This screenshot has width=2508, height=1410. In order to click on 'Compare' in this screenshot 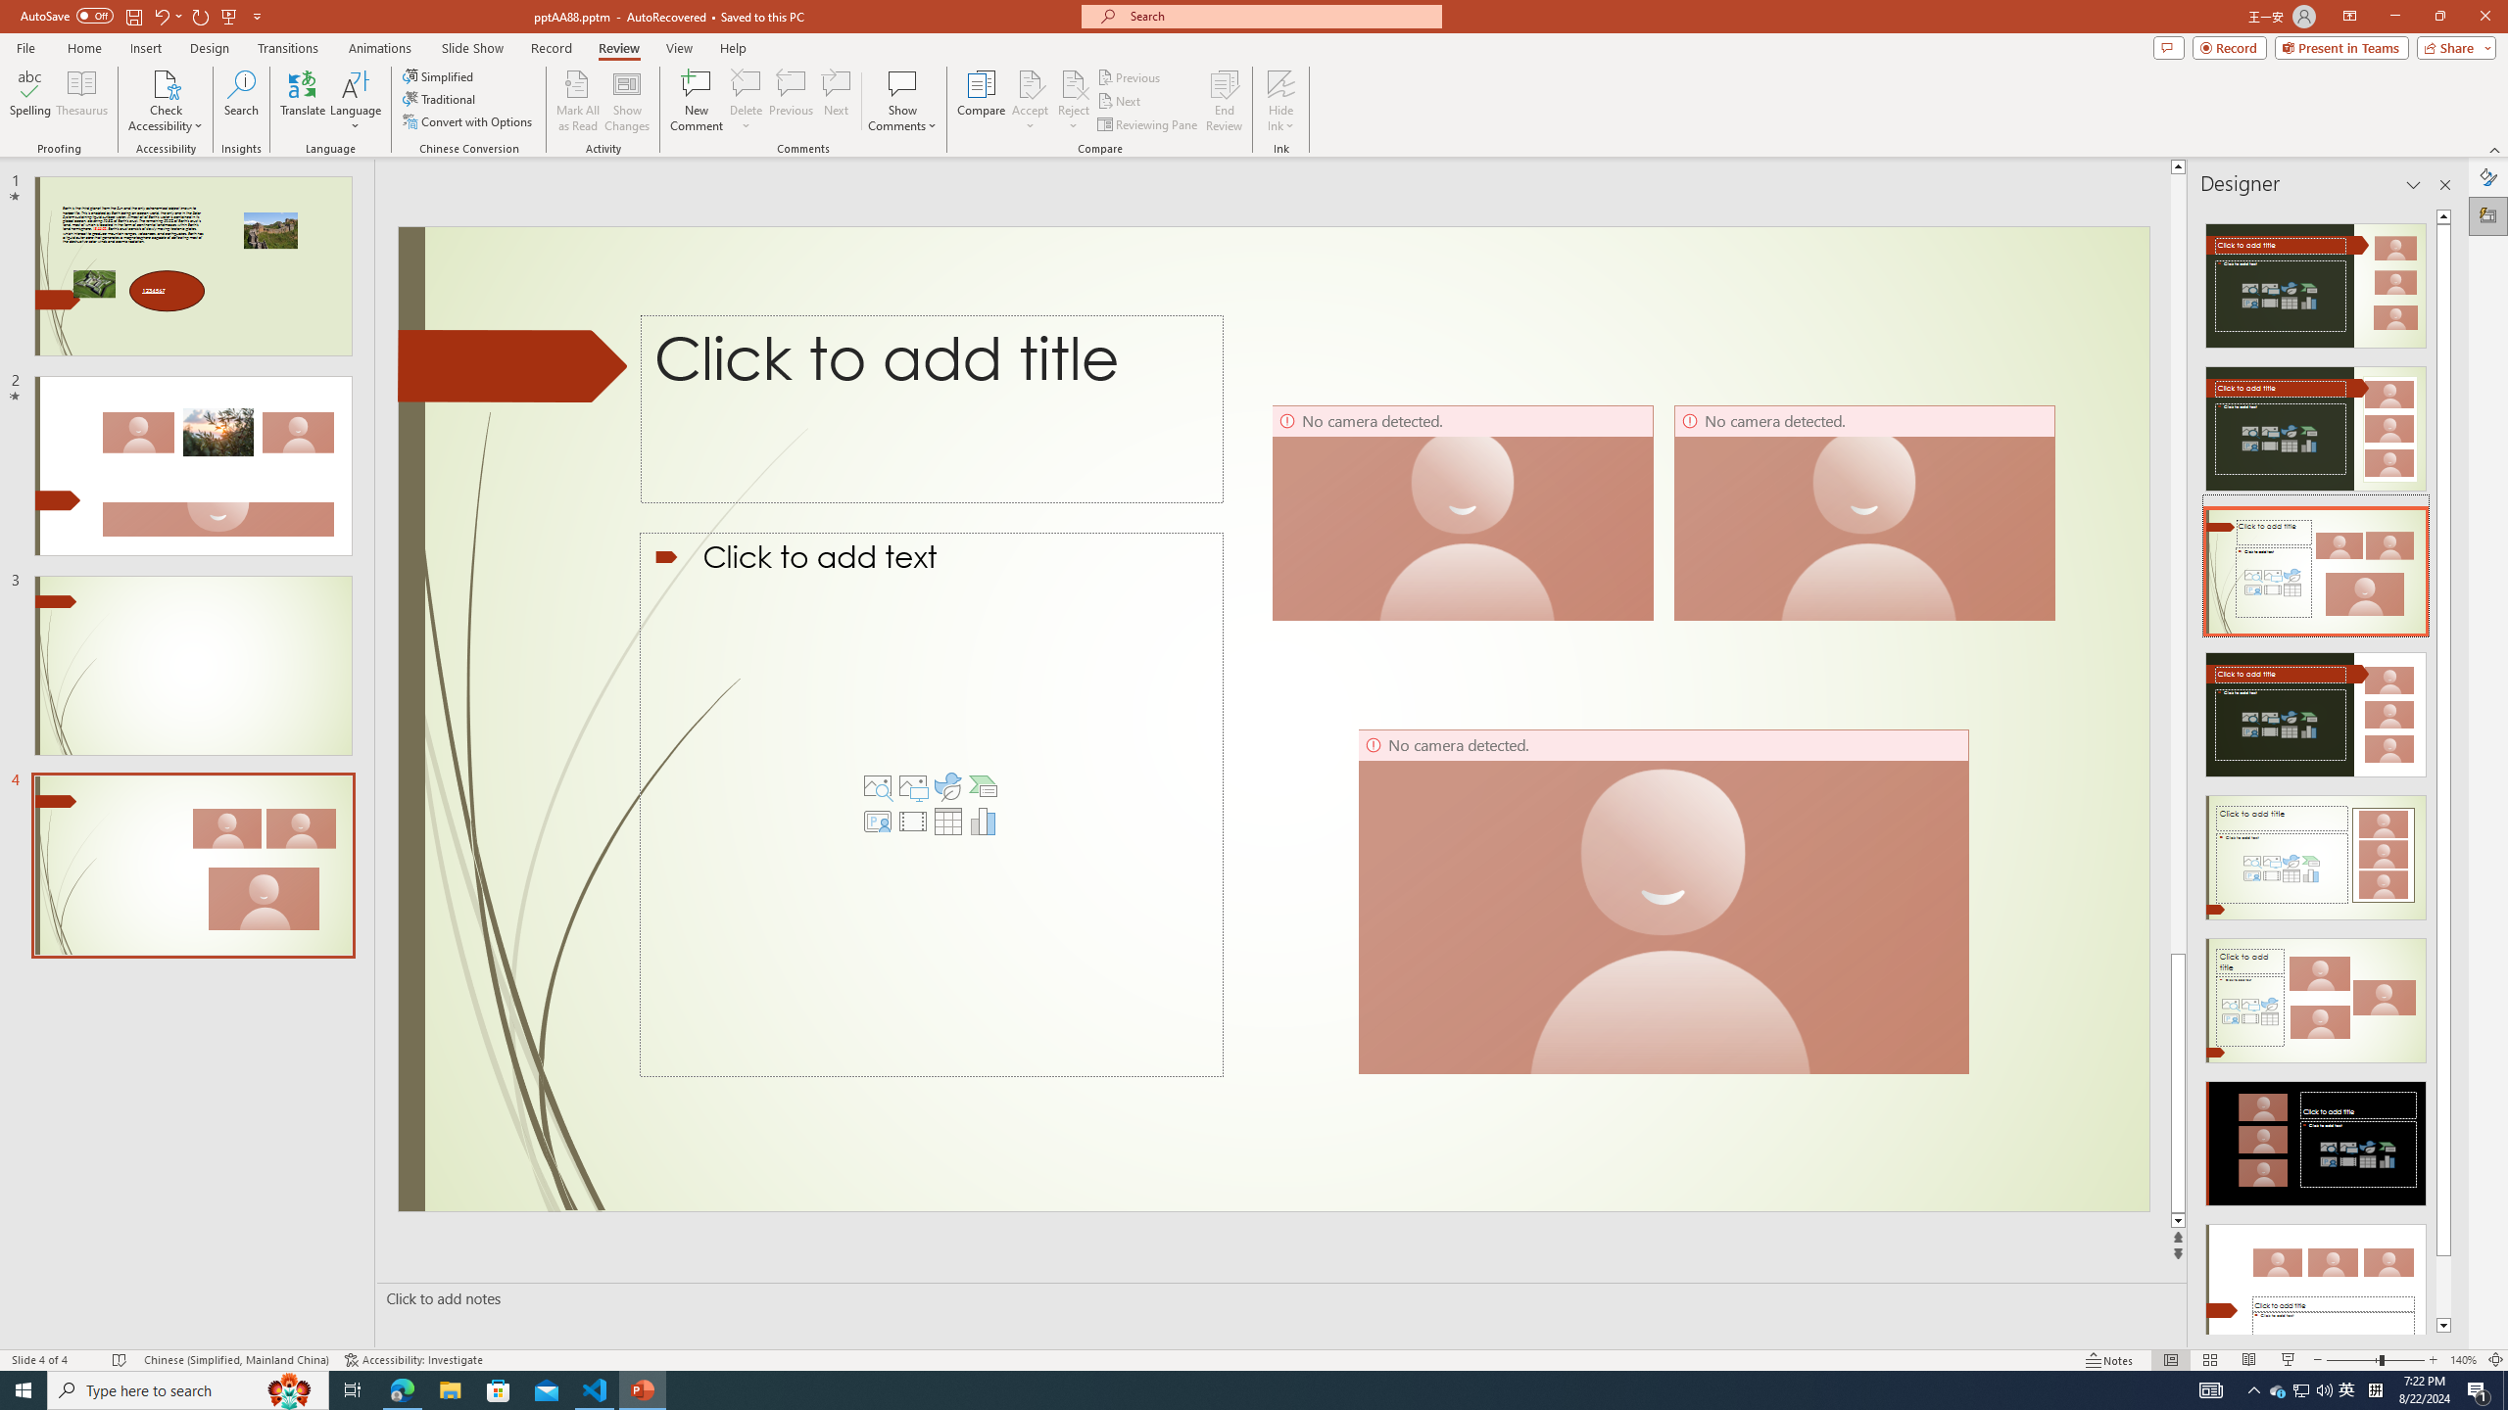, I will do `click(982, 101)`.